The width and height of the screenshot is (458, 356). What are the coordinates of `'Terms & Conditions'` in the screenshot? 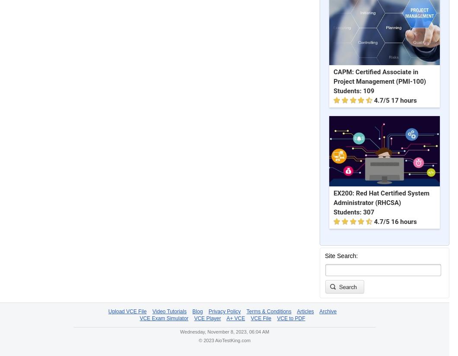 It's located at (246, 311).